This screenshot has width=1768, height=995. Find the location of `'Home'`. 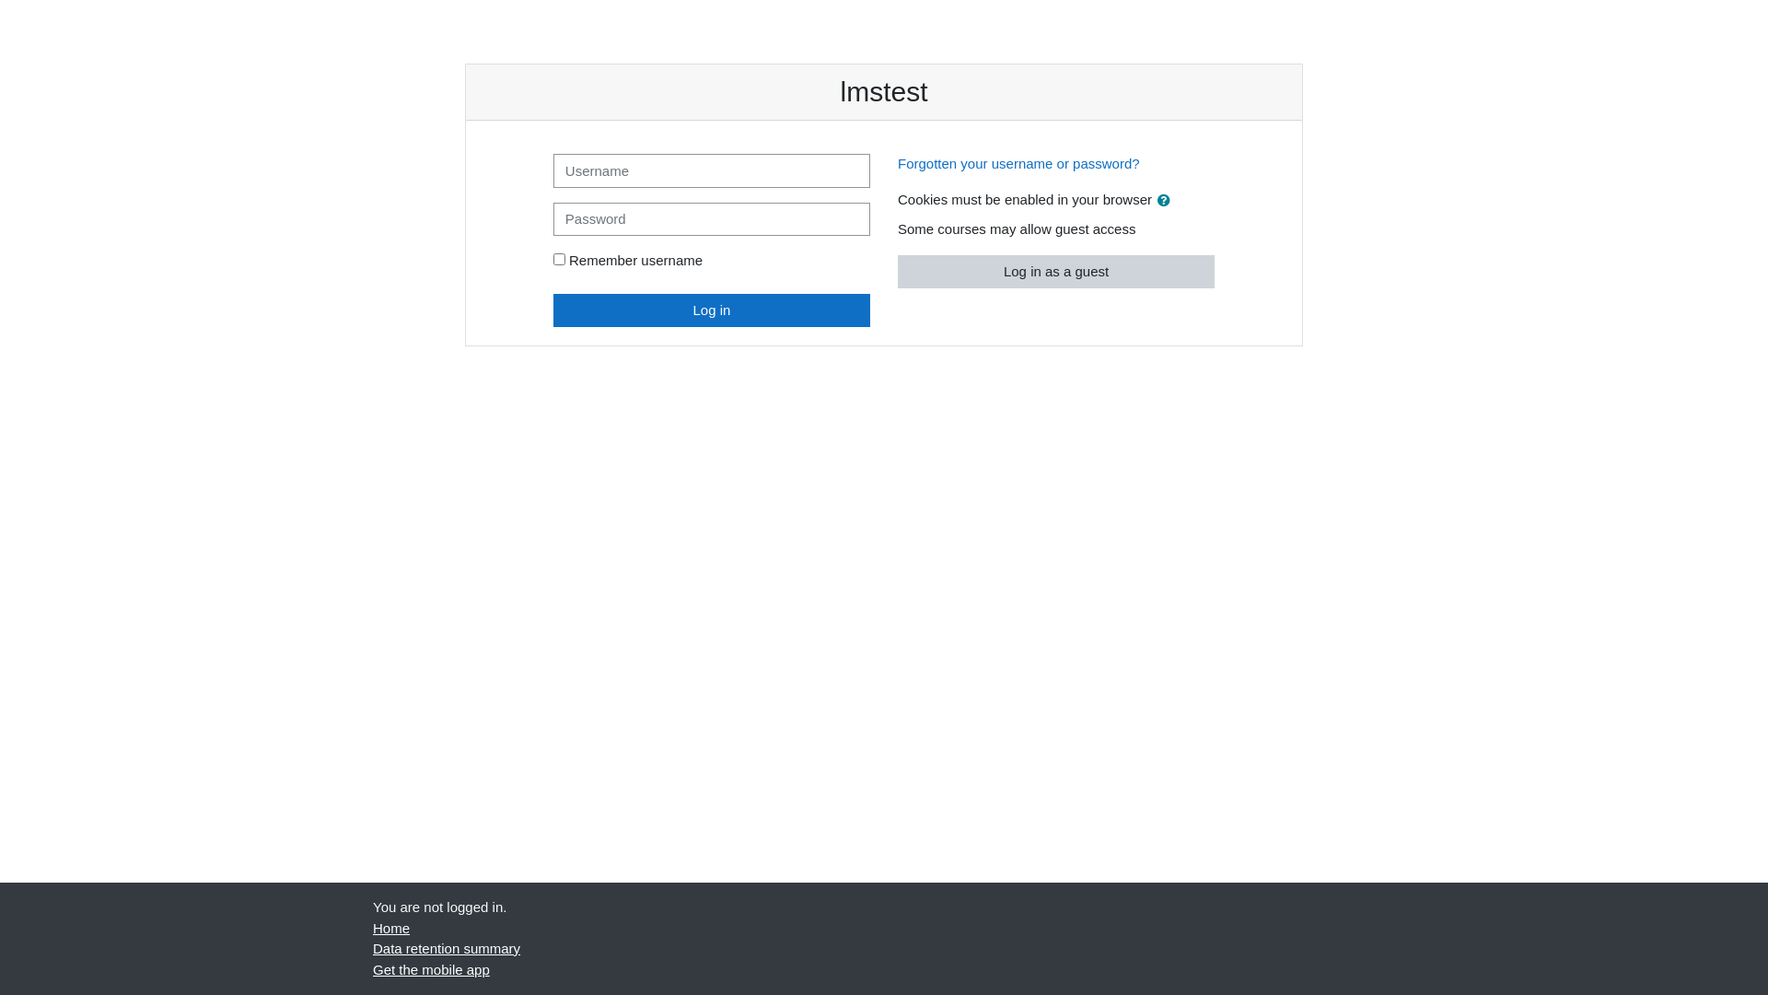

'Home' is located at coordinates (390, 927).